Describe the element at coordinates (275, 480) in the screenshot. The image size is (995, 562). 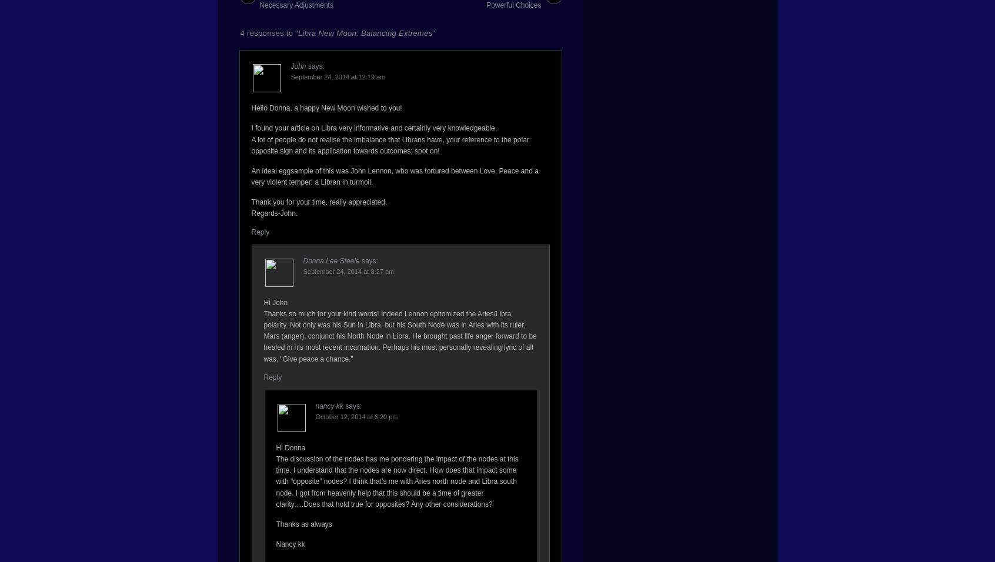
I see `'The discussion of the nodes has me pondering the impact of the nodes at this time.  I understand that the nodes are now direct.  How does that impact some with “opposite” nodes?  I think that’s me with Aries north node and Libra south node.   I got from heavenly help that this should be  a time of greater clarity….Does that hold true for opposites?  Any other considerations?'` at that location.